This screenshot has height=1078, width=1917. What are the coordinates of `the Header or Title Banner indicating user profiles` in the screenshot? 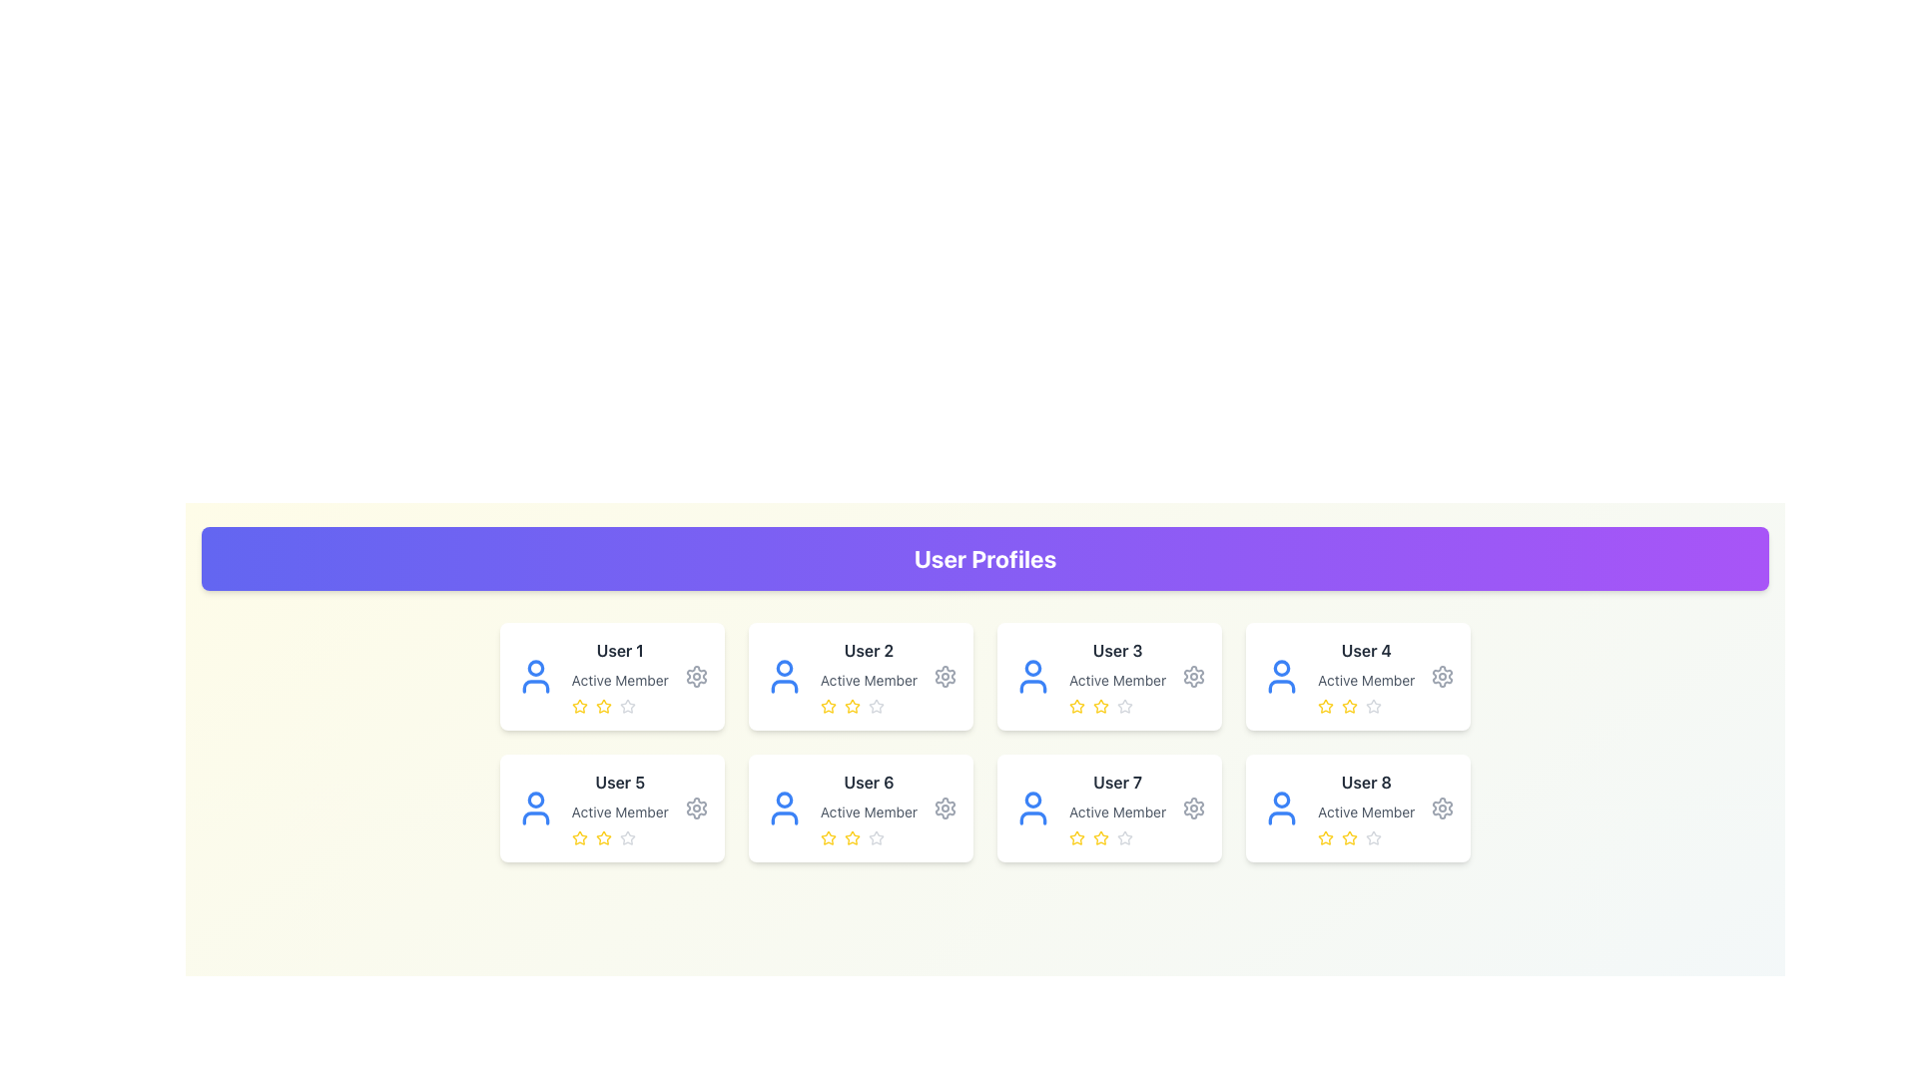 It's located at (985, 558).